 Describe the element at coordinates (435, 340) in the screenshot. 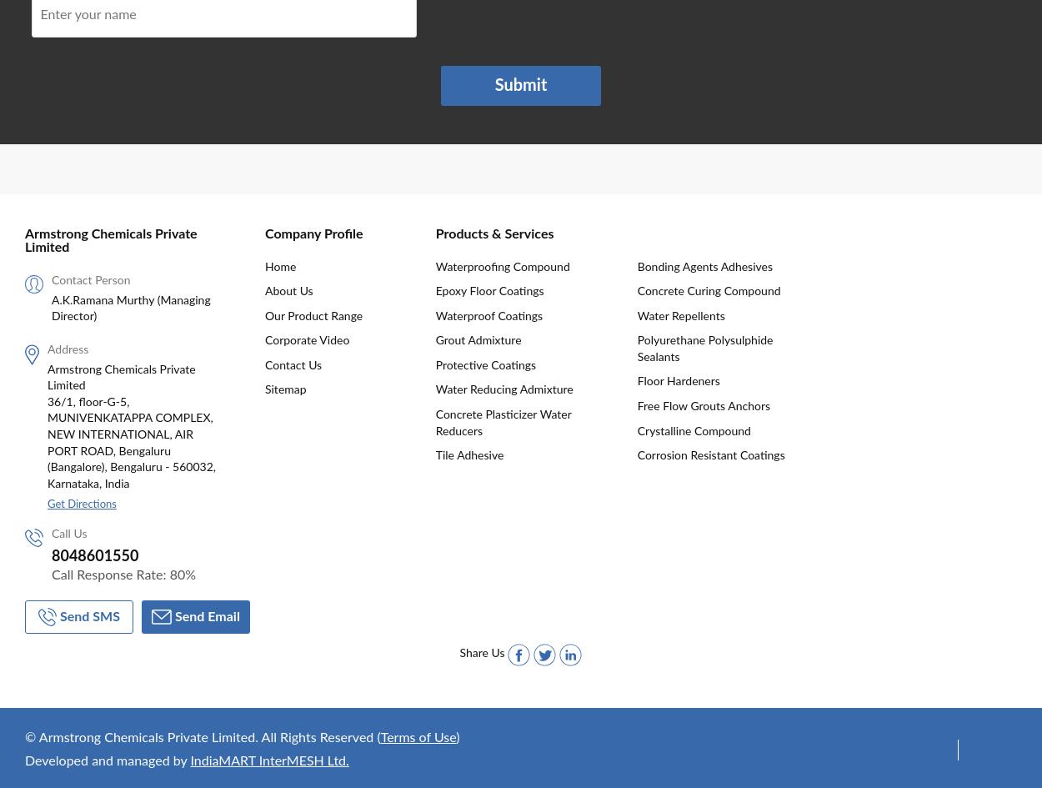

I see `'Grout Admixture'` at that location.